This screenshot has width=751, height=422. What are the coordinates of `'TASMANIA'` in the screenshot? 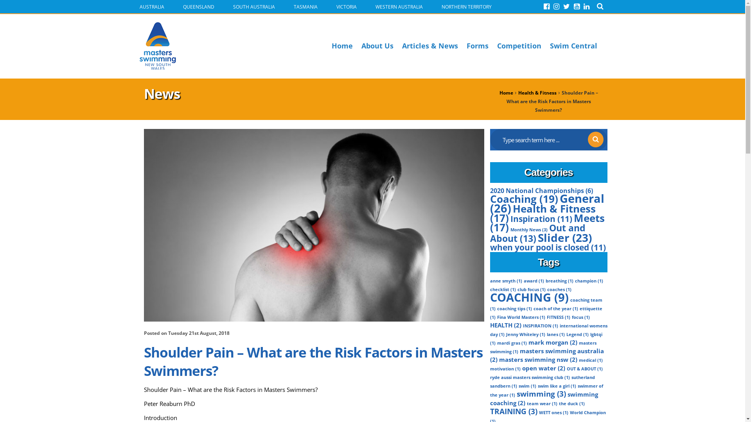 It's located at (304, 6).